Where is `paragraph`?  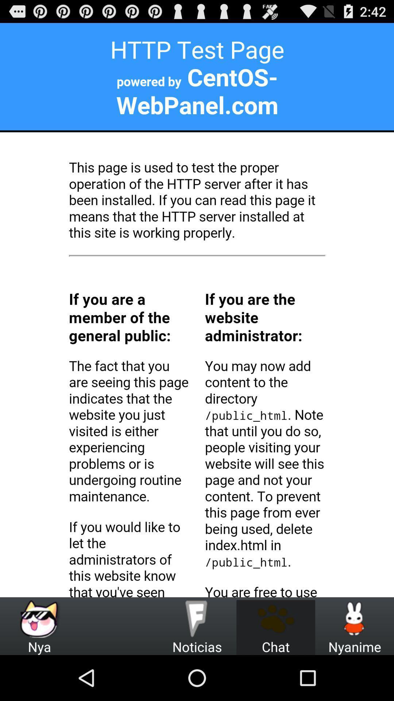 paragraph is located at coordinates (197, 310).